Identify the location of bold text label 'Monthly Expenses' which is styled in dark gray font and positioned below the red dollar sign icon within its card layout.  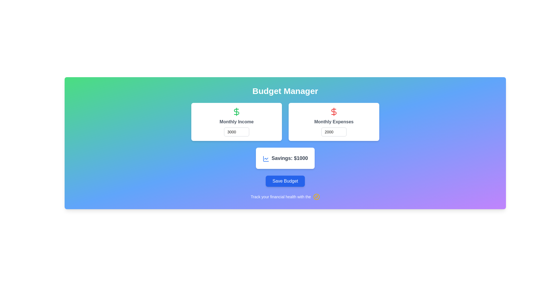
(334, 121).